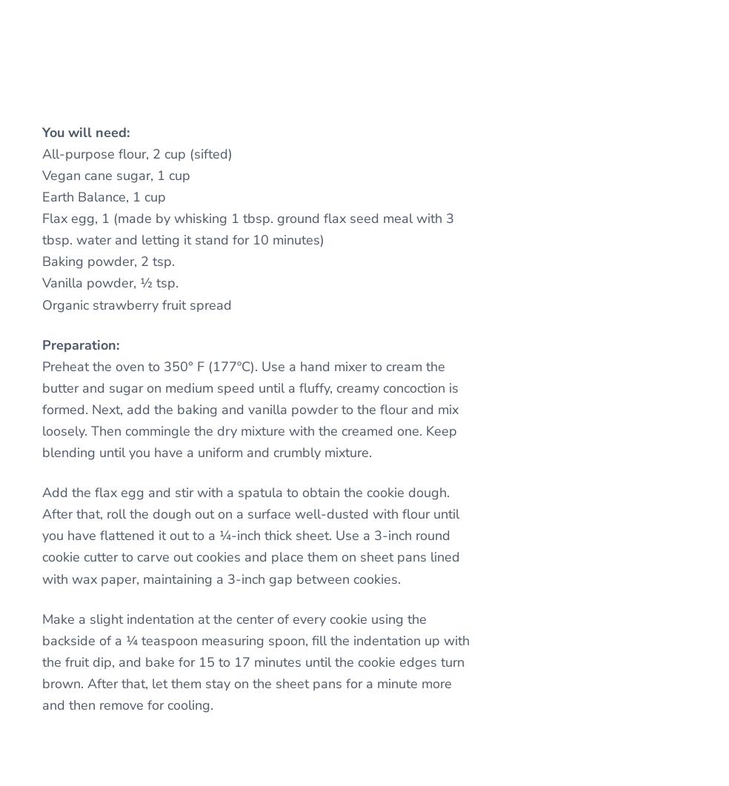  What do you see at coordinates (250, 408) in the screenshot?
I see `'Preheat the oven to 350° F (177ºC). Use a hand mixer to cream the butter and sugar on medium speed until a fluffy, creamy concoction is formed. Next, add the baking and vanilla powder to the flour and mix loosely. Then commingle the dry mixture with the creamed one. Keep blending until you have a uniform and crumbly mixture.'` at bounding box center [250, 408].